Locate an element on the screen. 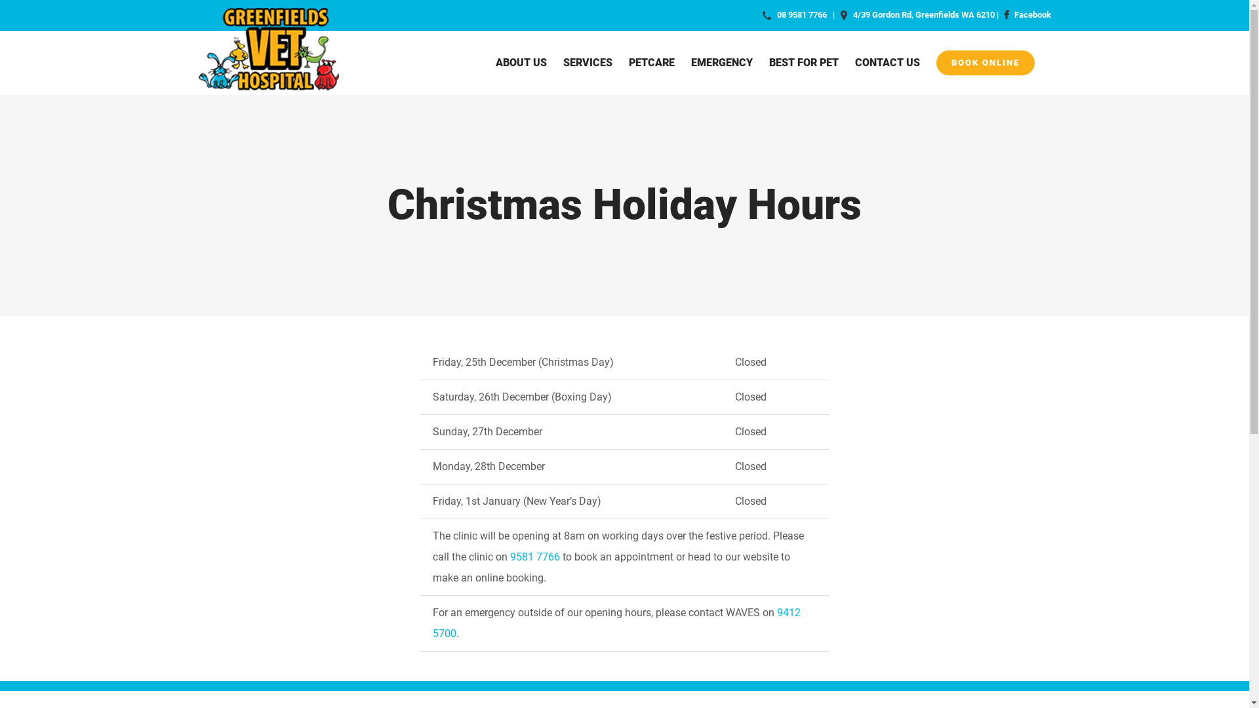 The height and width of the screenshot is (708, 1259). 'SERVICES' is located at coordinates (586, 62).